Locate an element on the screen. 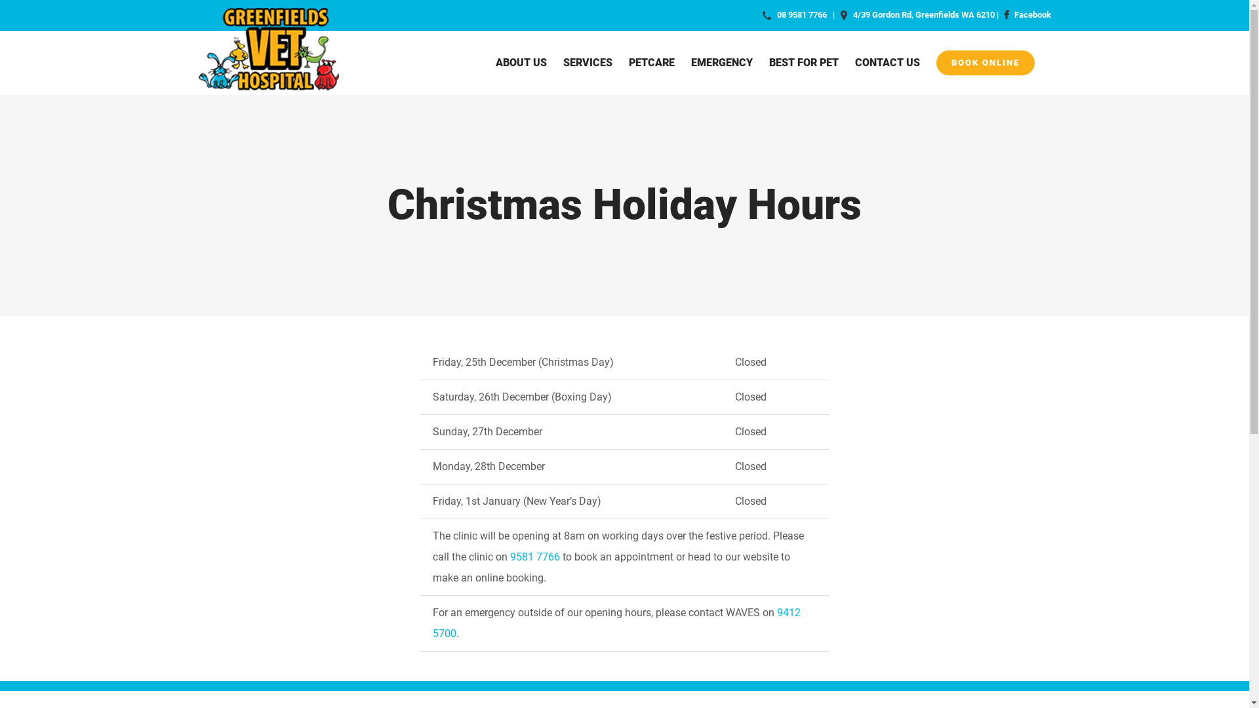 The height and width of the screenshot is (708, 1259). 'SERVICES' is located at coordinates (586, 62).